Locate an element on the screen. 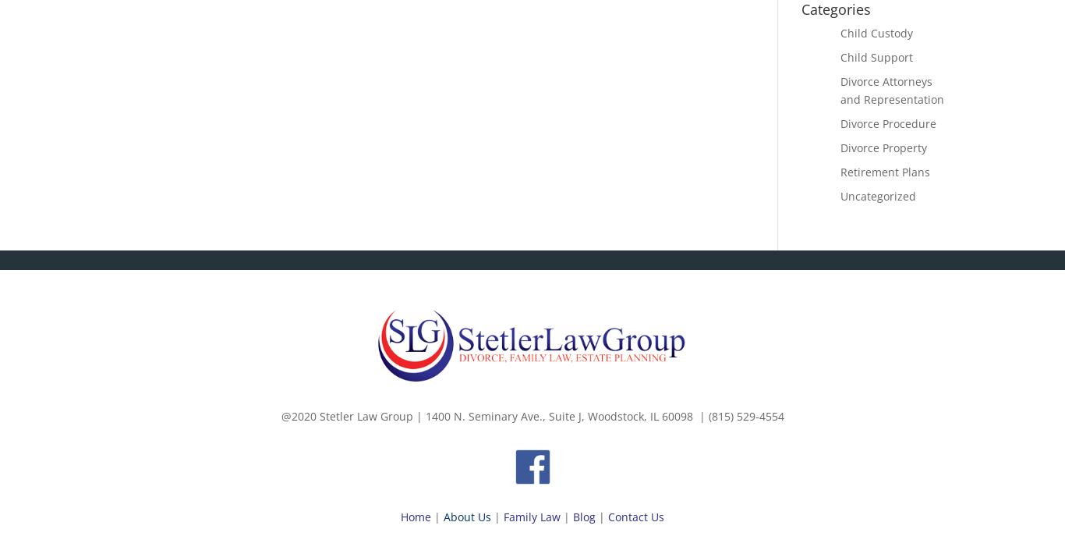 The image size is (1065, 547). 'Contact Us' is located at coordinates (635, 516).